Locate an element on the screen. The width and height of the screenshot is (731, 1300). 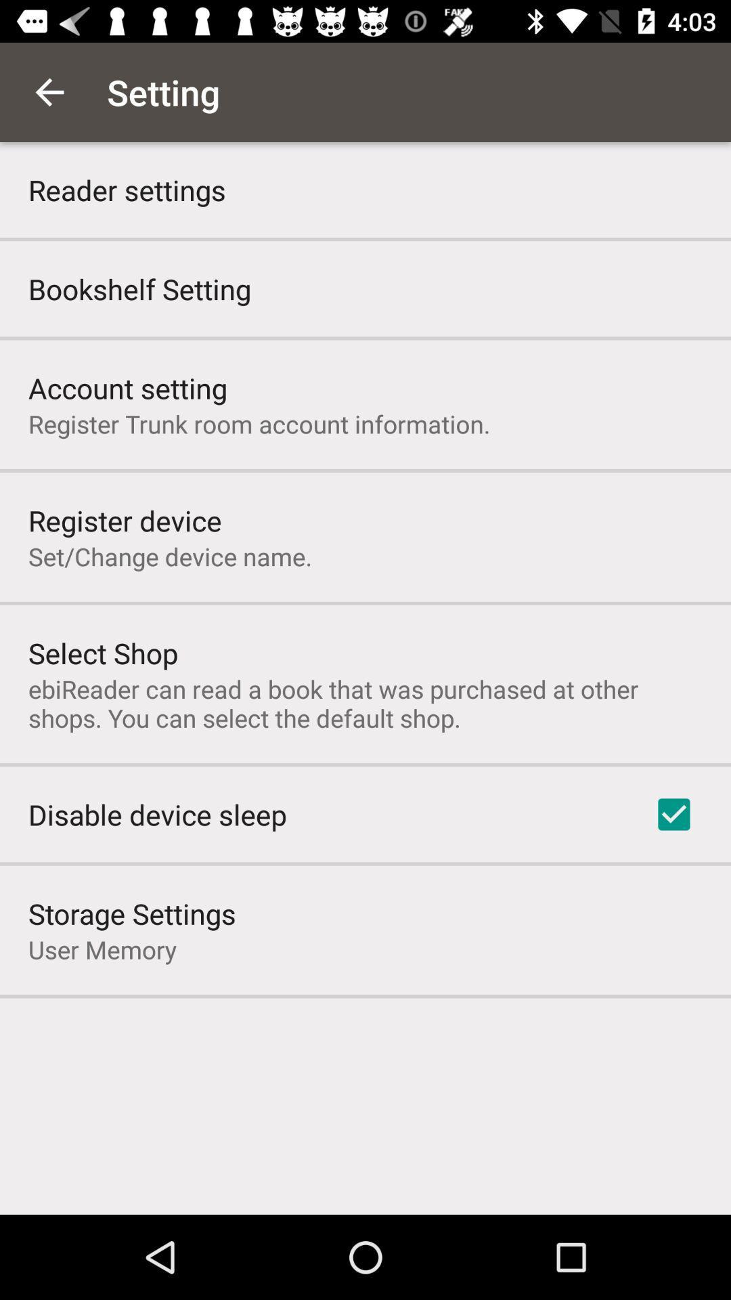
the item next to the disable device sleep is located at coordinates (673, 814).